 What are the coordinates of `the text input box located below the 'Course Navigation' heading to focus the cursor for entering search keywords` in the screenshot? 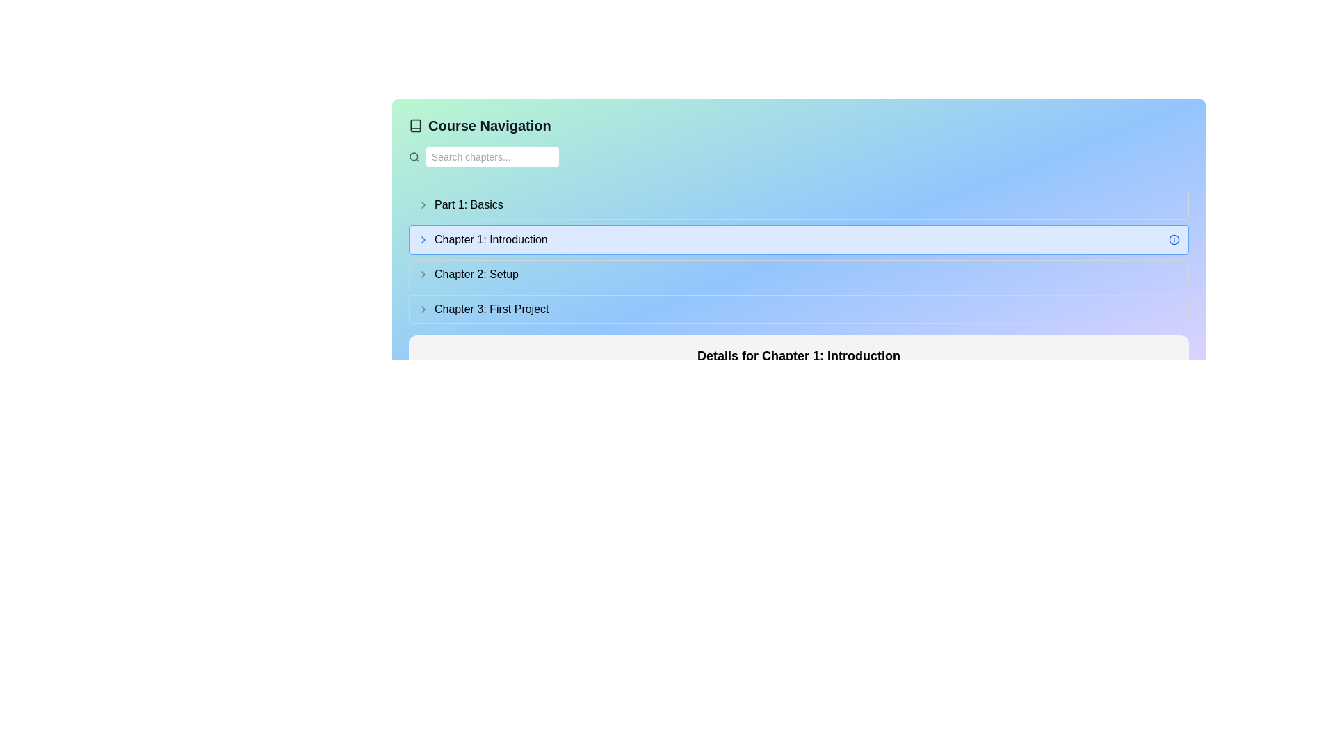 It's located at (492, 156).